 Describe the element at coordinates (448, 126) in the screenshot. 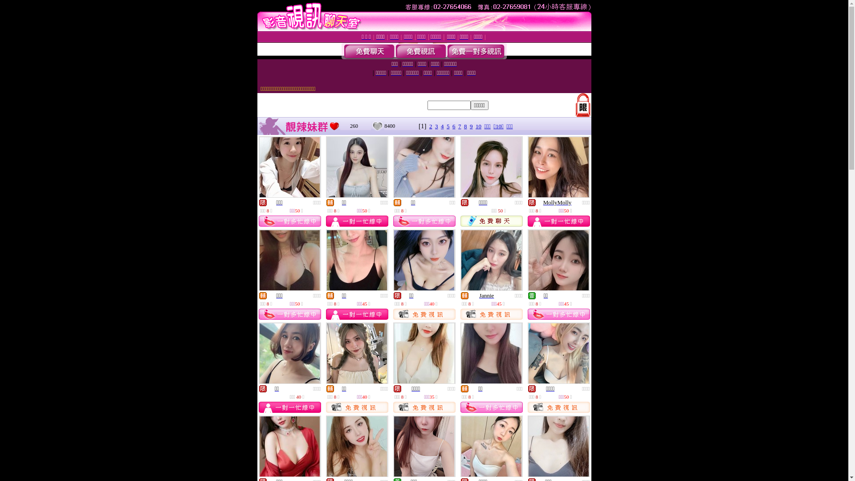

I see `'5'` at that location.